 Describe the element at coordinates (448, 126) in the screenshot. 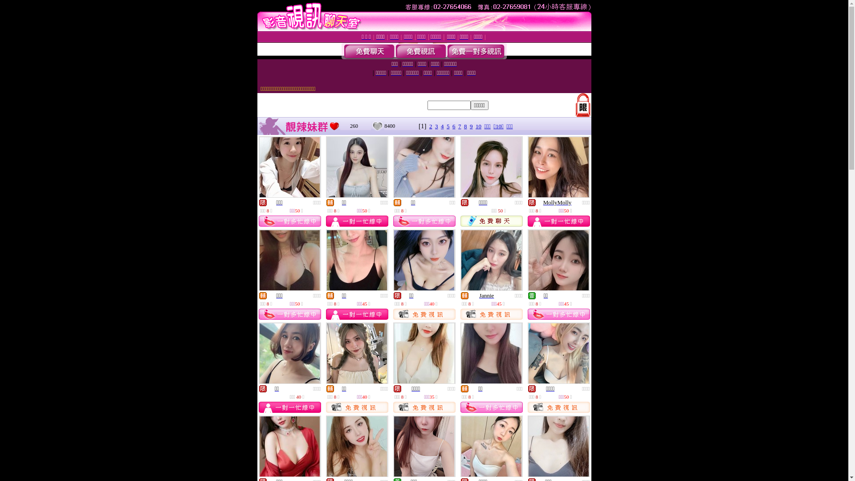

I see `'5'` at that location.